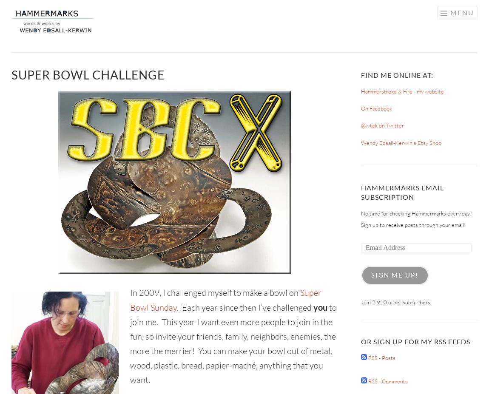  I want to click on 'Find Me Online At:', so click(361, 75).